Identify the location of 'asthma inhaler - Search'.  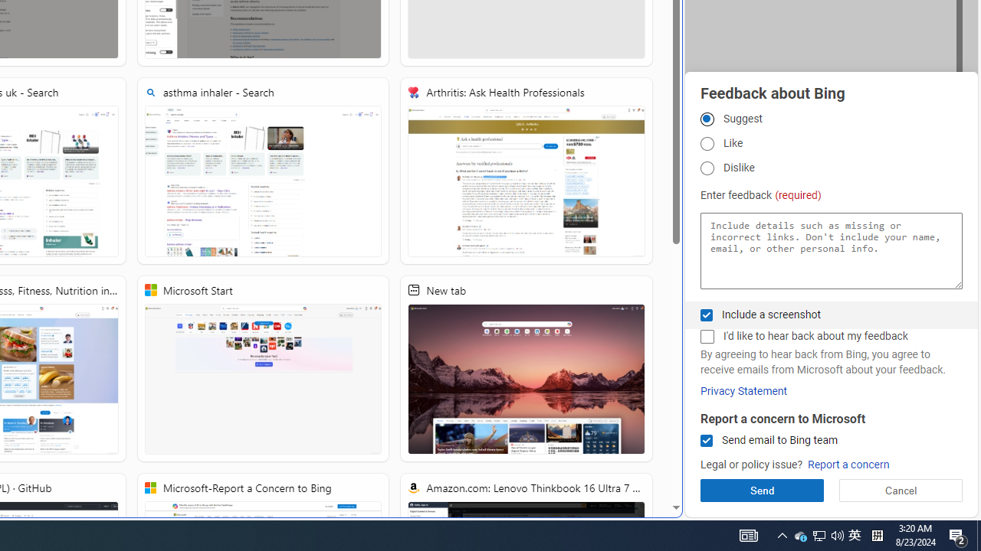
(263, 171).